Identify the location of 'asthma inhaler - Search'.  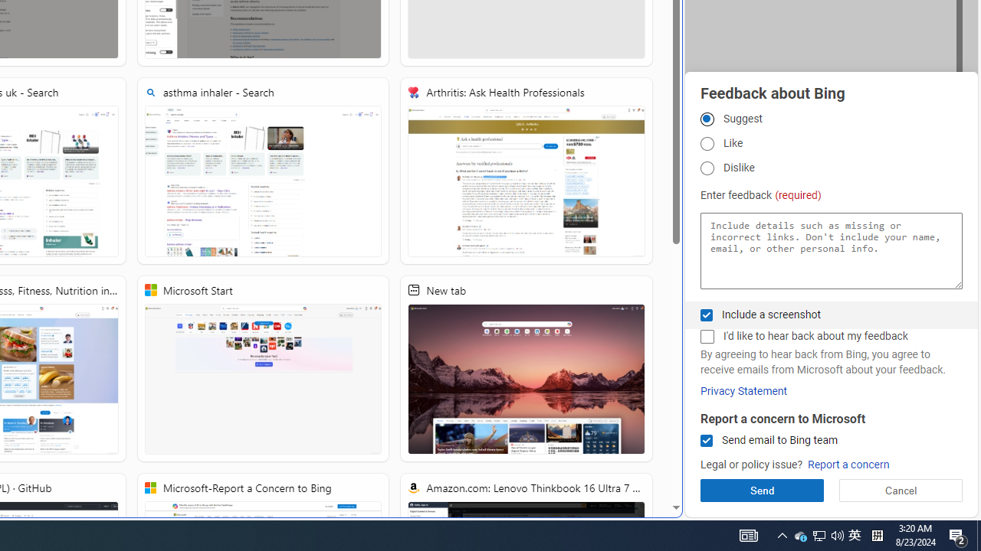
(263, 171).